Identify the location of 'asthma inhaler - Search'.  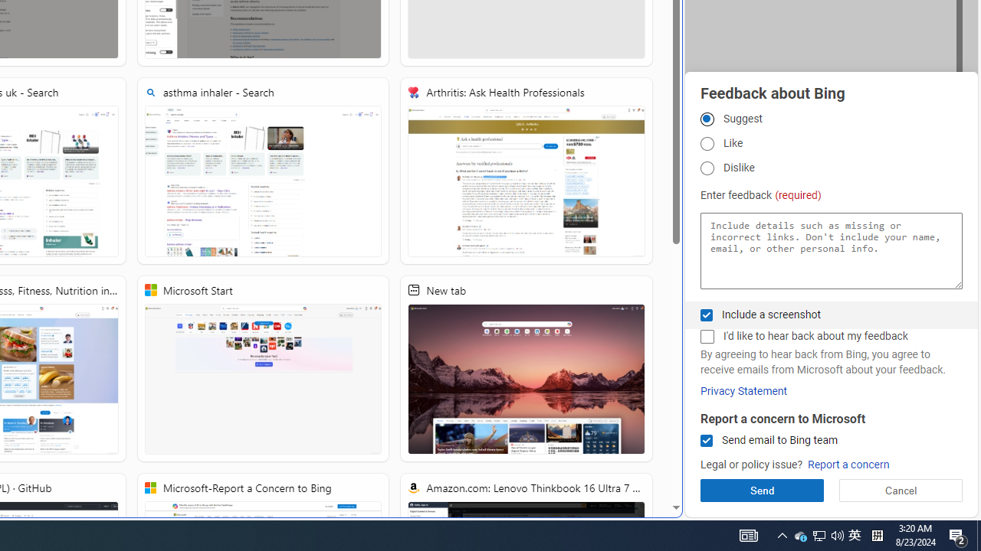
(263, 171).